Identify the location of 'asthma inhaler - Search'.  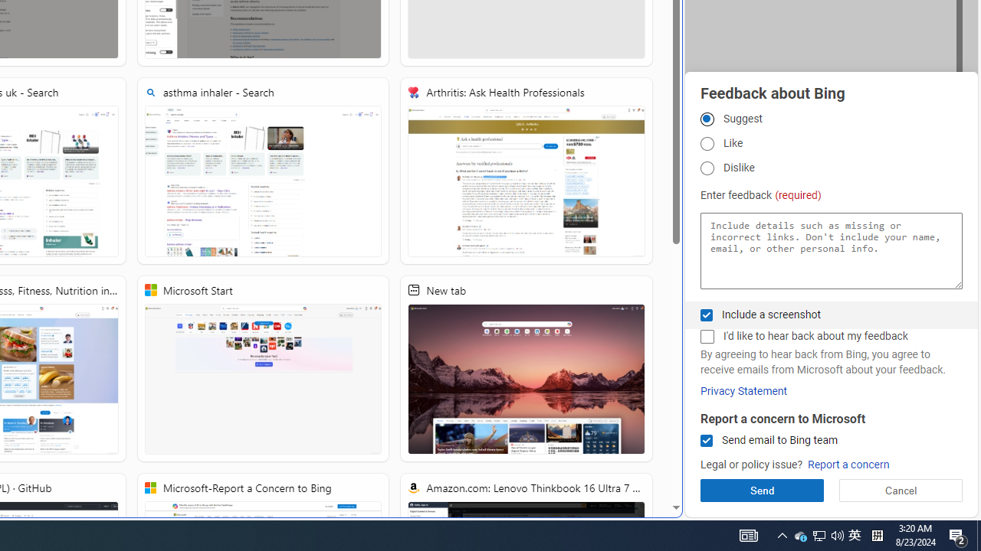
(263, 171).